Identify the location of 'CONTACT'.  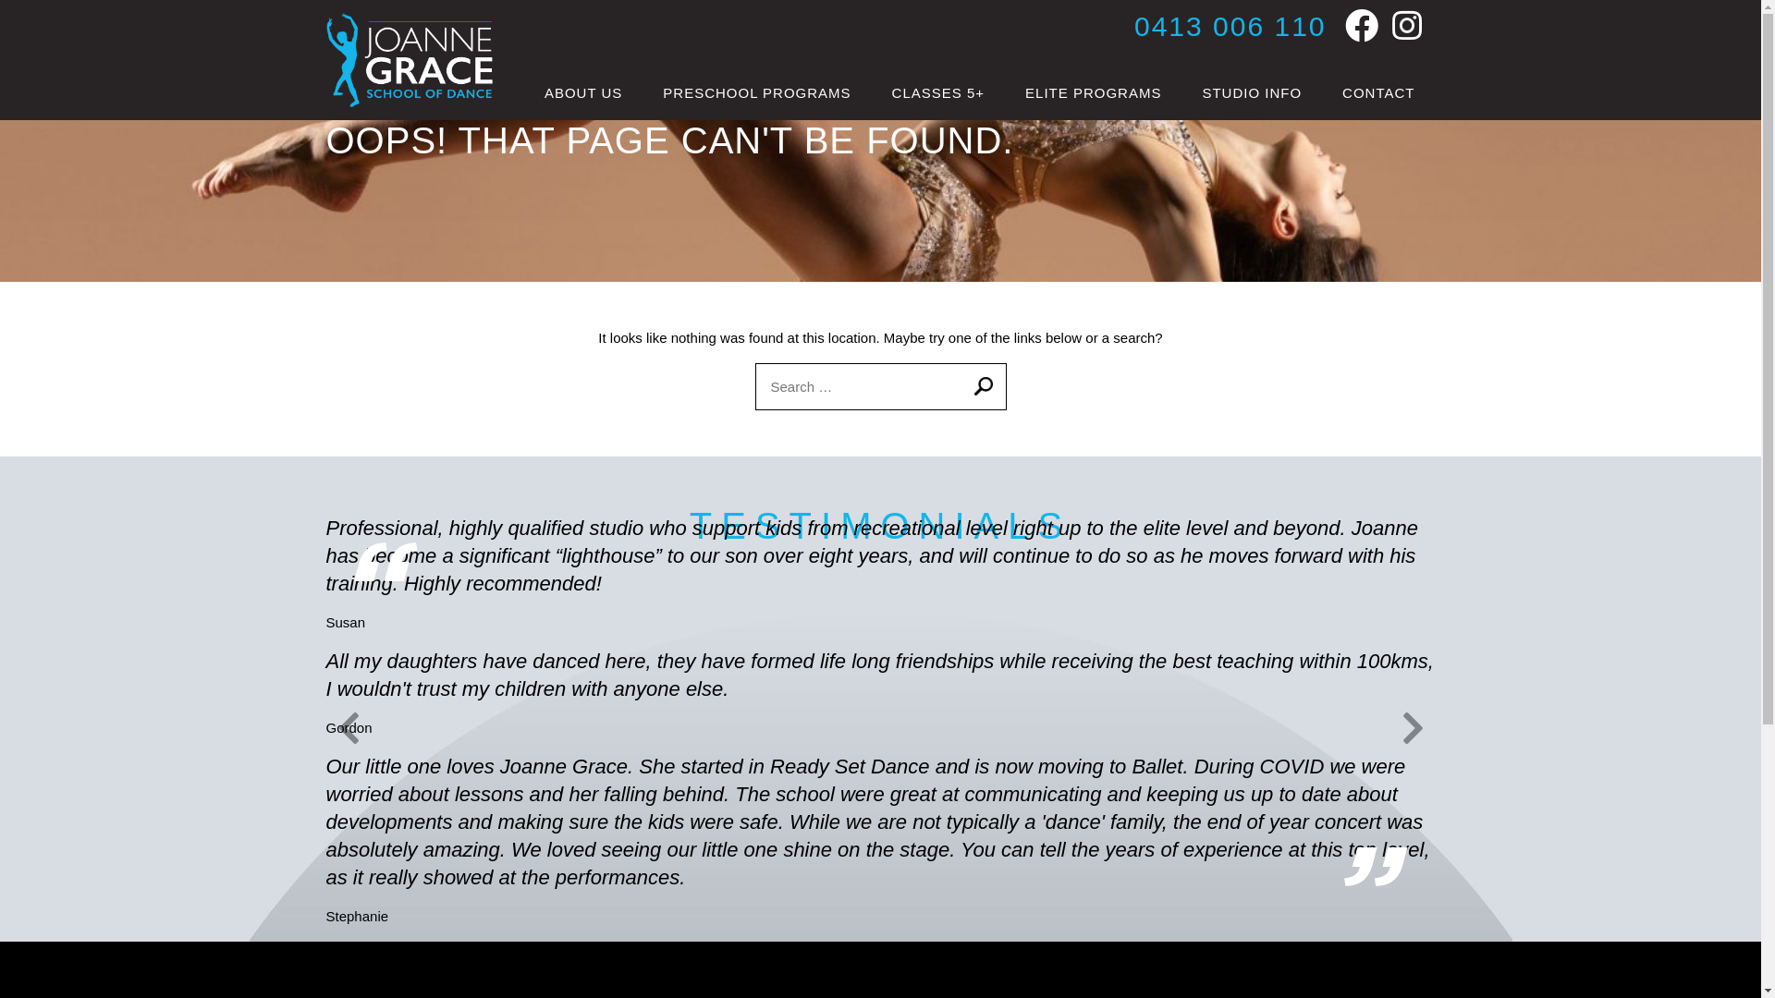
(1378, 92).